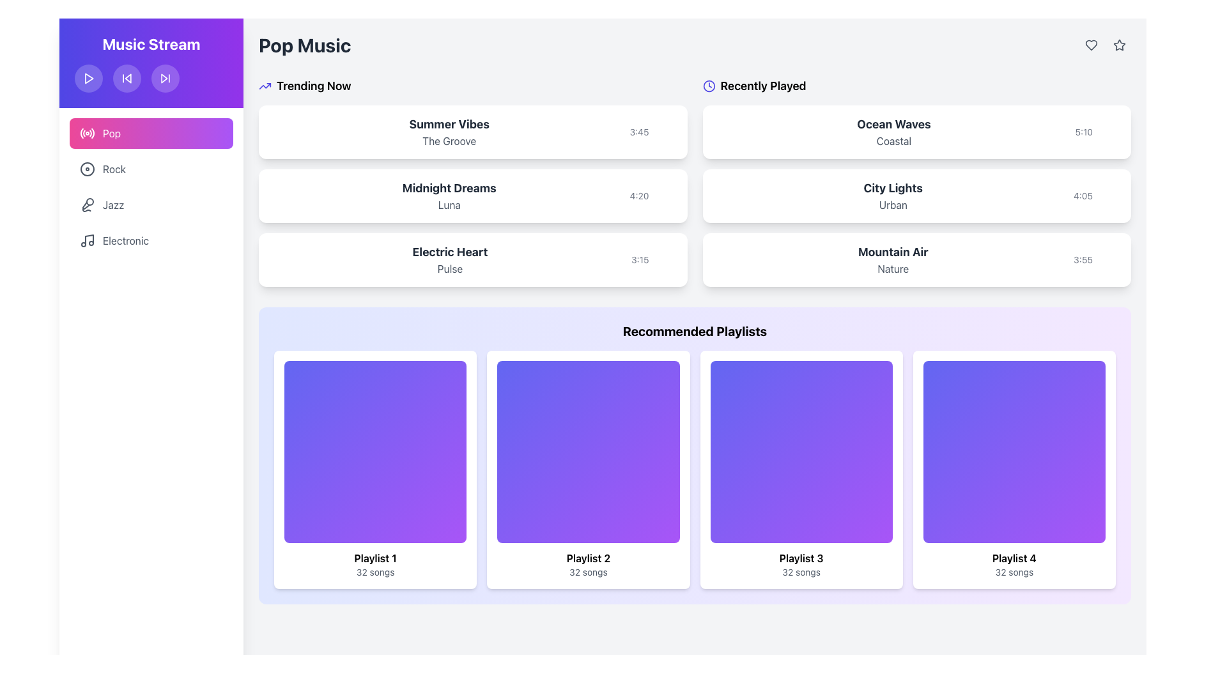  I want to click on the 'Rock' music category button located in the sidebar menu, positioned below the 'Pop' button and above the 'Jazz' button, so click(151, 169).